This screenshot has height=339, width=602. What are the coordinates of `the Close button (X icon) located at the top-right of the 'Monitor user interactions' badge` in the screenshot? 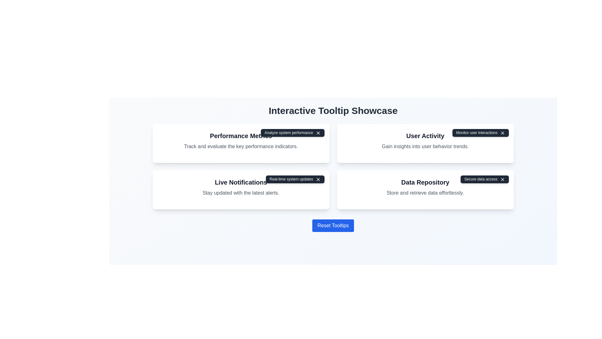 It's located at (502, 132).